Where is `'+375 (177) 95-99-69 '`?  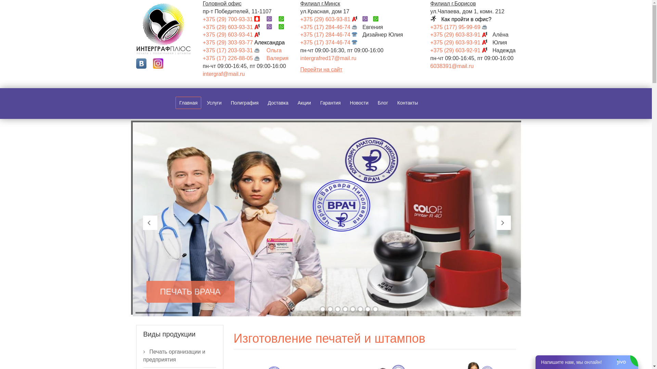
'+375 (177) 95-99-69 ' is located at coordinates (461, 27).